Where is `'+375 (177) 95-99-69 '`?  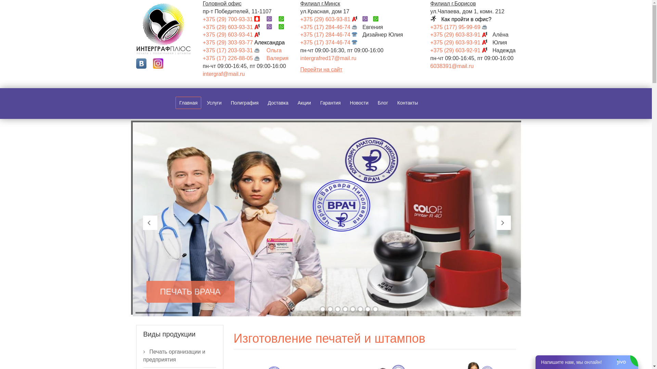
'+375 (177) 95-99-69 ' is located at coordinates (461, 27).